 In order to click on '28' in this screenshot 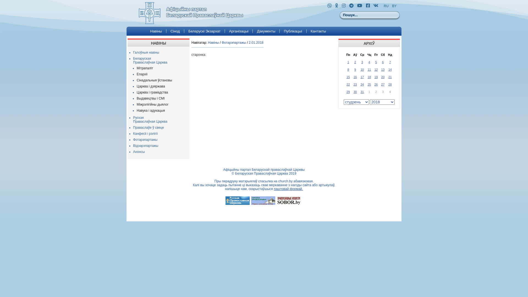, I will do `click(389, 84)`.